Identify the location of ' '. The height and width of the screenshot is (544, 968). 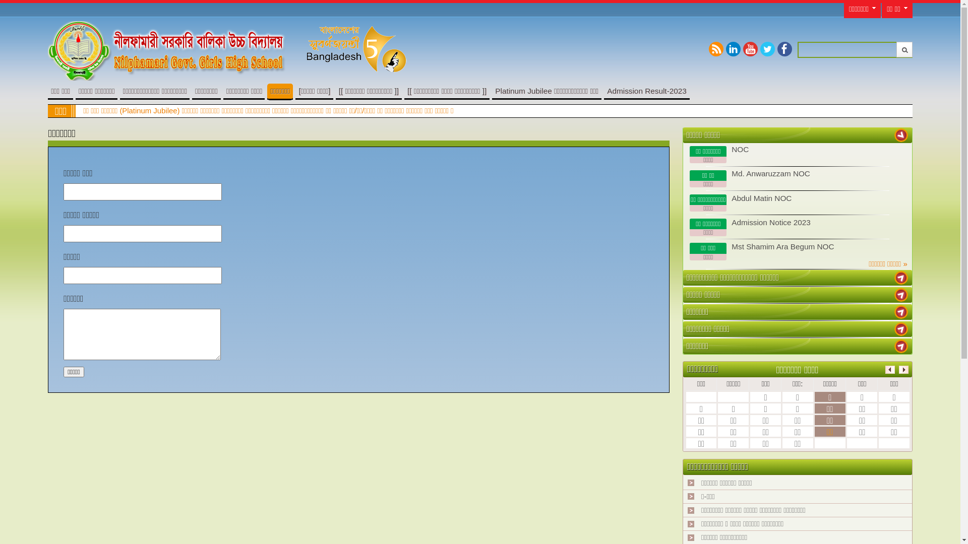
(901, 311).